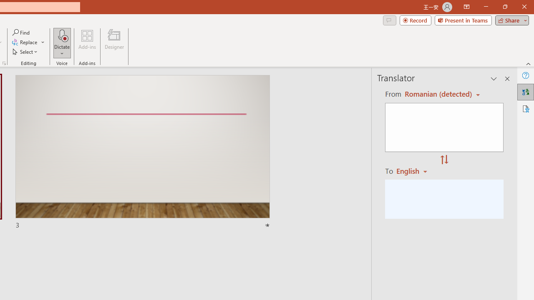 The width and height of the screenshot is (534, 300). I want to click on 'Select', so click(25, 52).